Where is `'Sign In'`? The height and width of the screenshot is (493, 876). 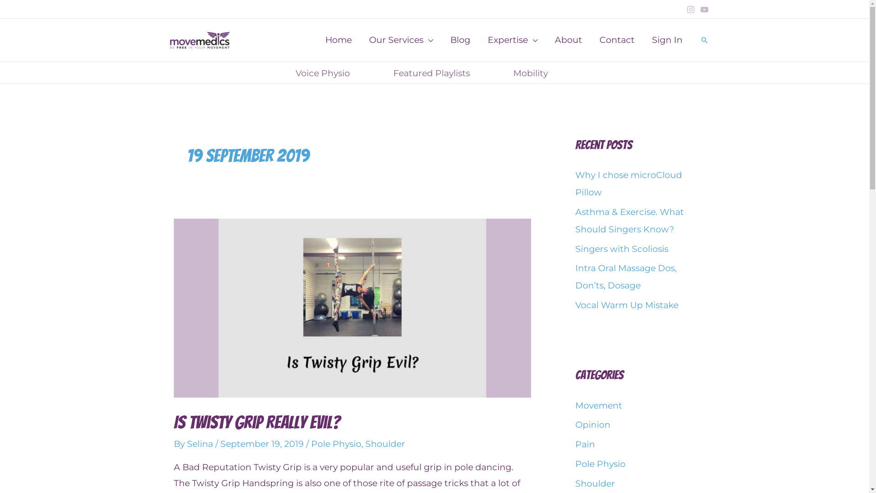 'Sign In' is located at coordinates (667, 40).